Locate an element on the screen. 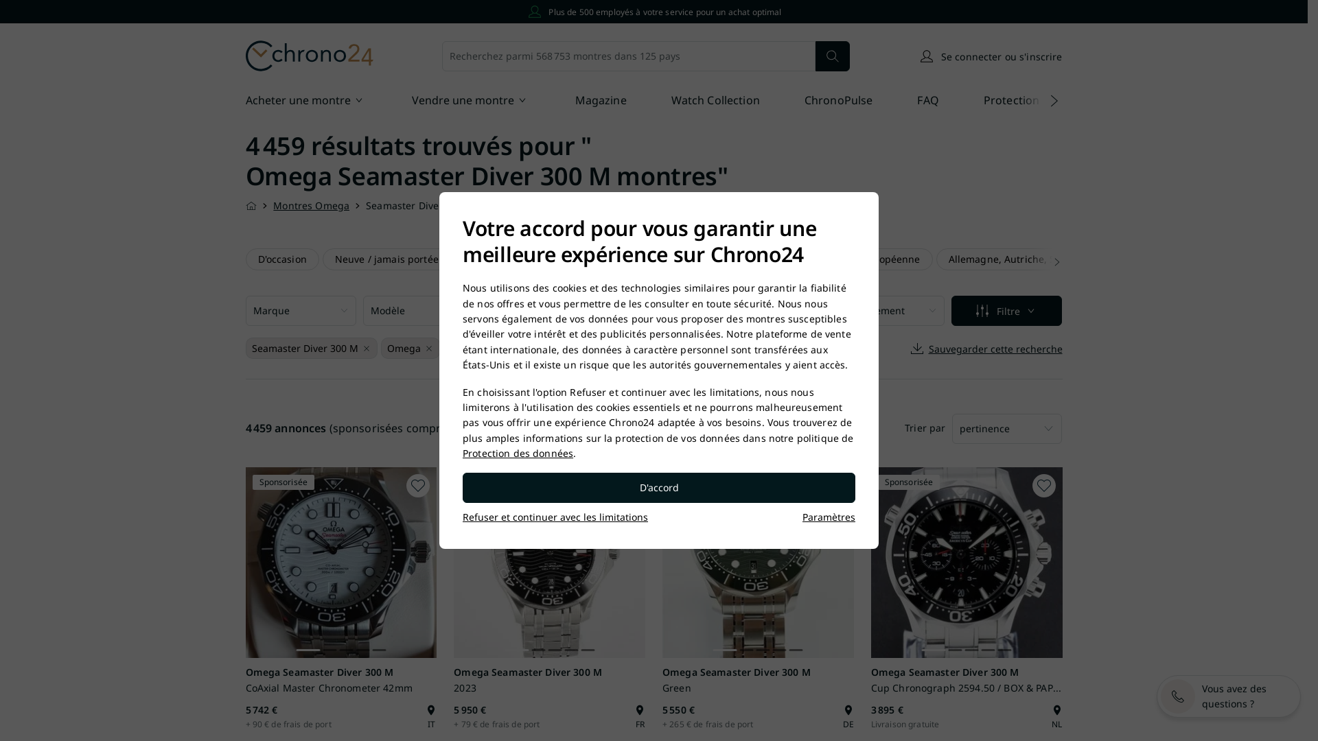 This screenshot has width=1318, height=741. 'Allemagne, Autriche, Suisse' is located at coordinates (1015, 259).